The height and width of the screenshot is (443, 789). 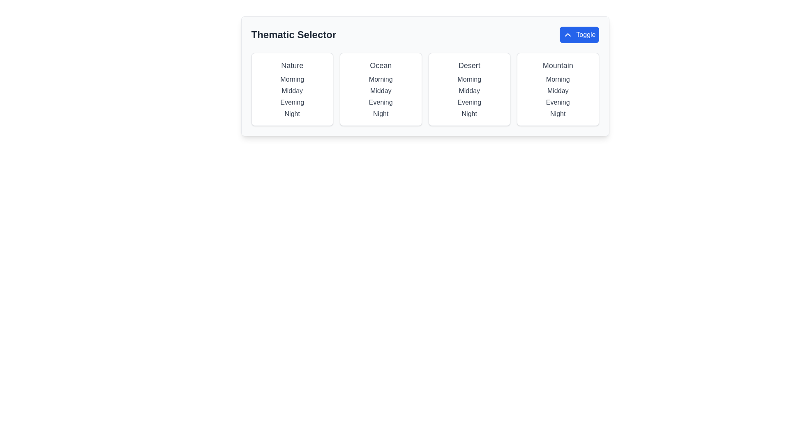 What do you see at coordinates (558, 102) in the screenshot?
I see `the 'Evening' text label, which indicates a time period and is positioned between 'Midday' and 'Night' in a vertical list` at bounding box center [558, 102].